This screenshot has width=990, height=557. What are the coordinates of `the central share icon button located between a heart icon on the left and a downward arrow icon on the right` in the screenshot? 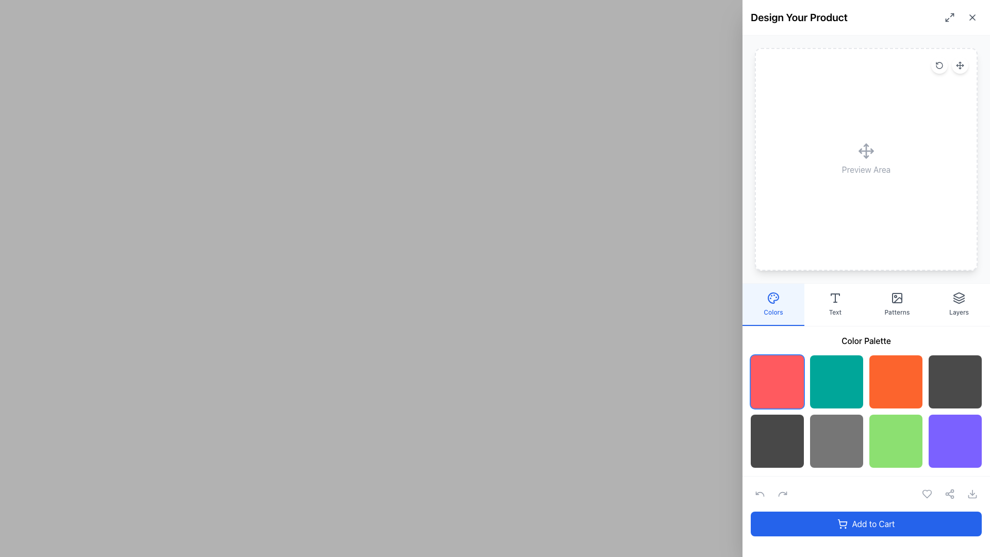 It's located at (949, 493).